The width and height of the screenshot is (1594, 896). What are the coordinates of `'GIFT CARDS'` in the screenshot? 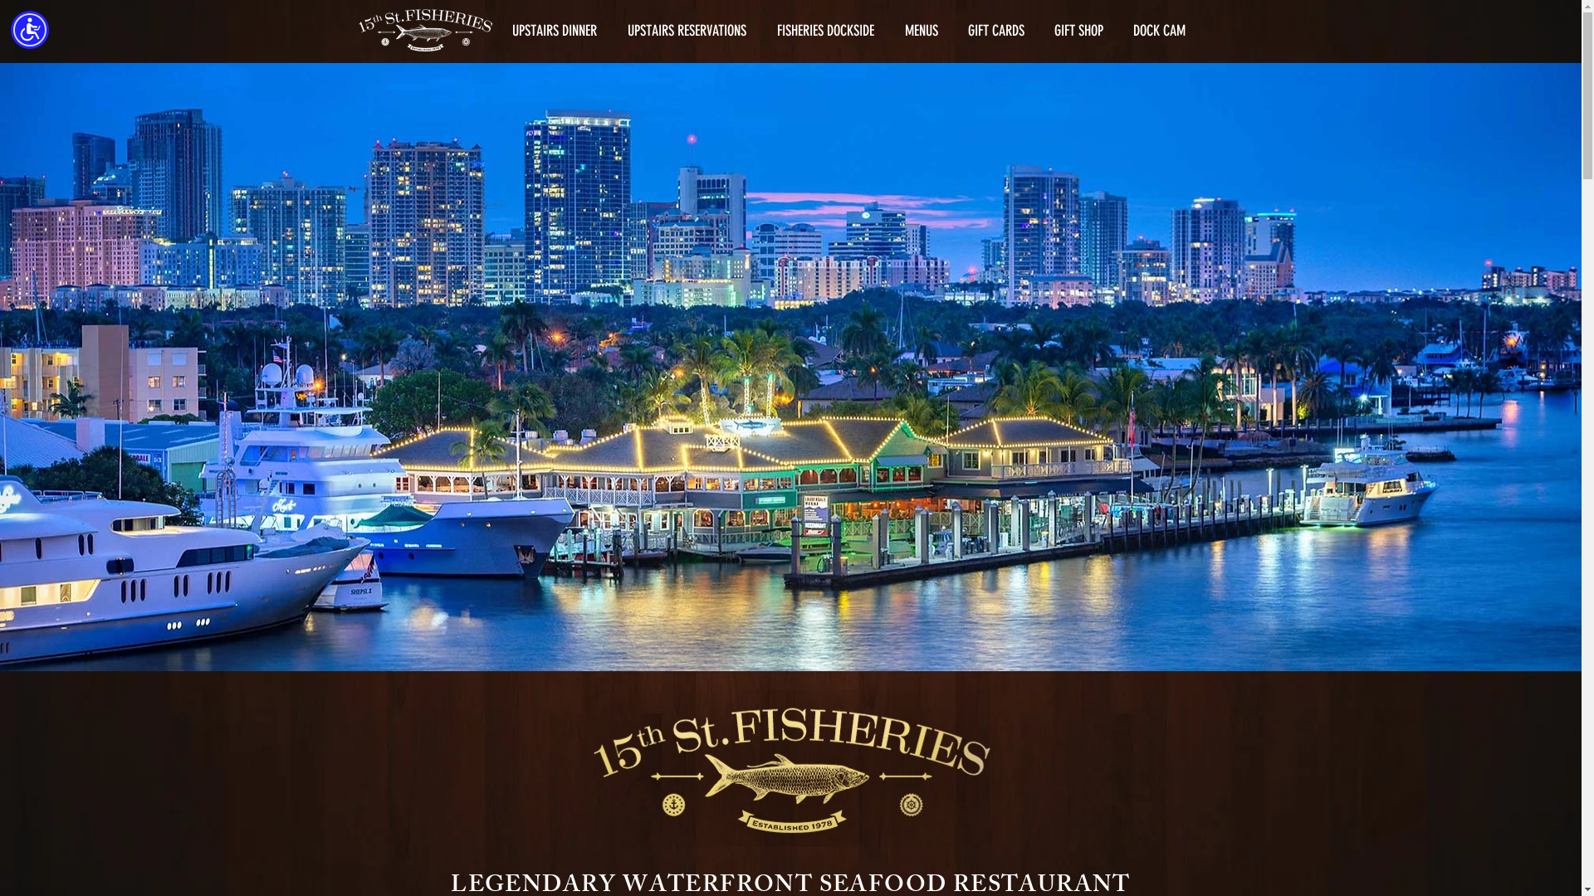 It's located at (996, 31).